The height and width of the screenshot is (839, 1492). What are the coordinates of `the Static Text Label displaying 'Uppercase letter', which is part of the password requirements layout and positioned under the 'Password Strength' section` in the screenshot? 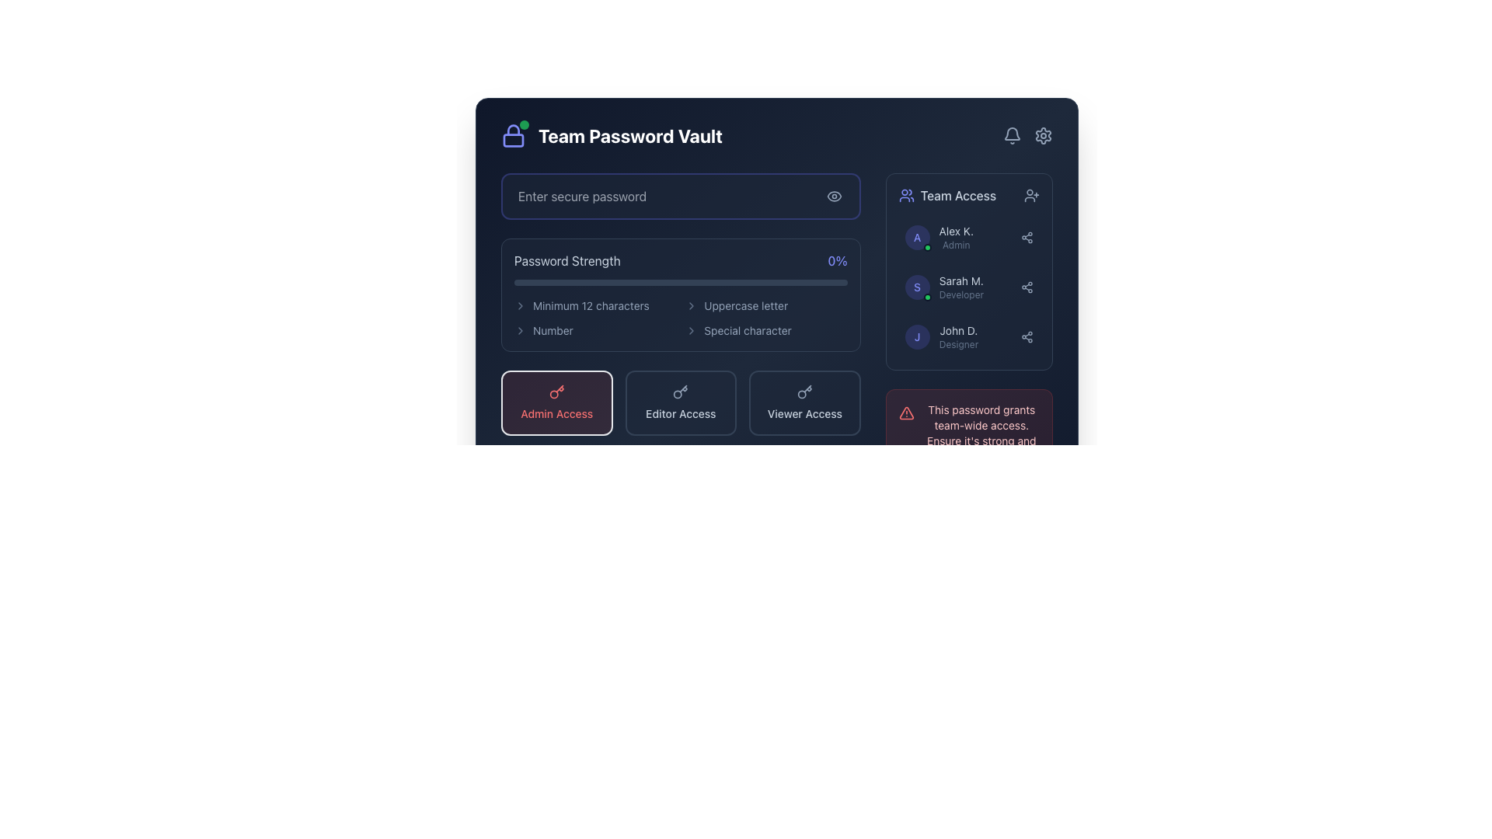 It's located at (746, 305).